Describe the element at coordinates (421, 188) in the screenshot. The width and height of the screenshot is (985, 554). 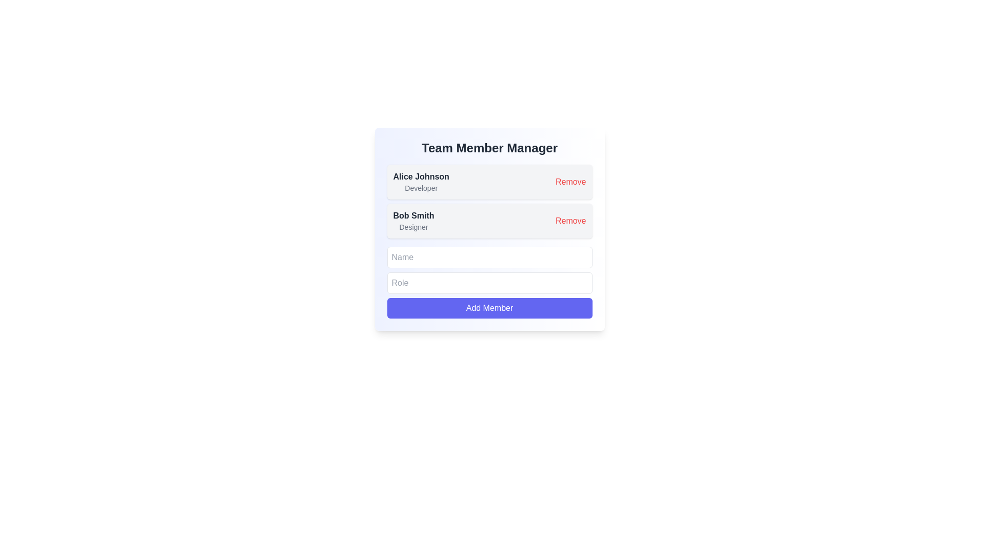
I see `the text label displaying 'Developer' in light gray color, located beneath 'Alice Johnson' in the team member entry section` at that location.